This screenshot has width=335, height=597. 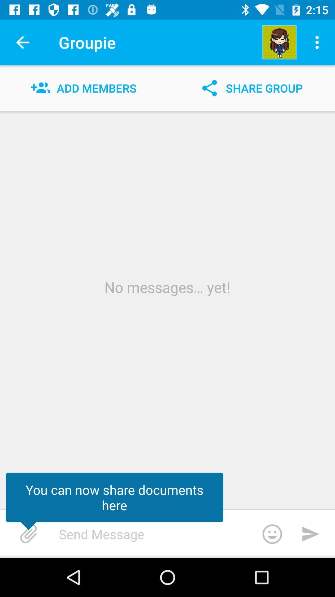 What do you see at coordinates (175, 534) in the screenshot?
I see `text button` at bounding box center [175, 534].